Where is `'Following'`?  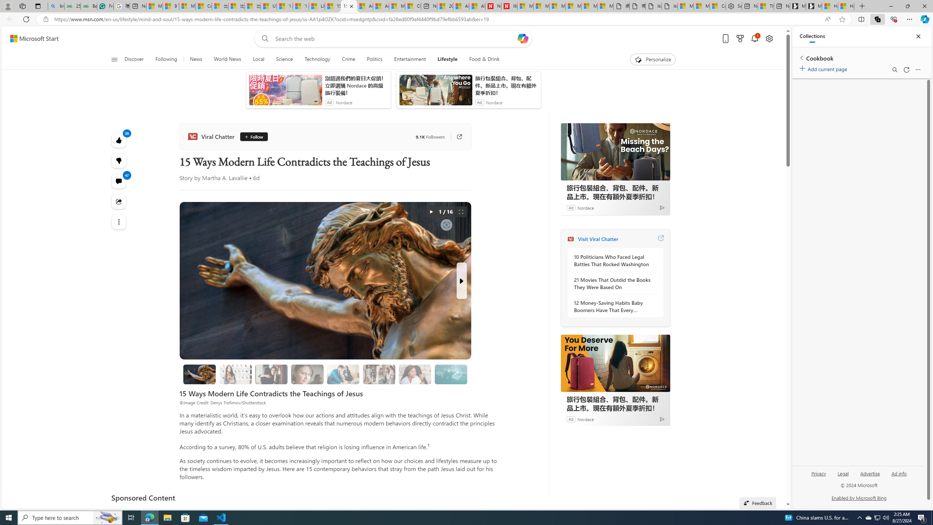 'Following' is located at coordinates (166, 59).